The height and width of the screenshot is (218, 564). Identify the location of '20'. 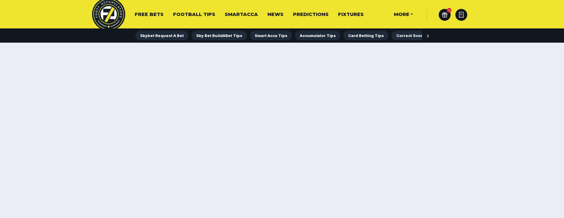
(449, 10).